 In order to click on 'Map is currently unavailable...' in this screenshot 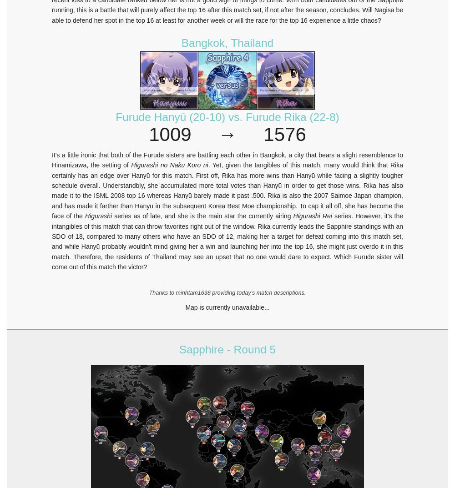, I will do `click(185, 307)`.